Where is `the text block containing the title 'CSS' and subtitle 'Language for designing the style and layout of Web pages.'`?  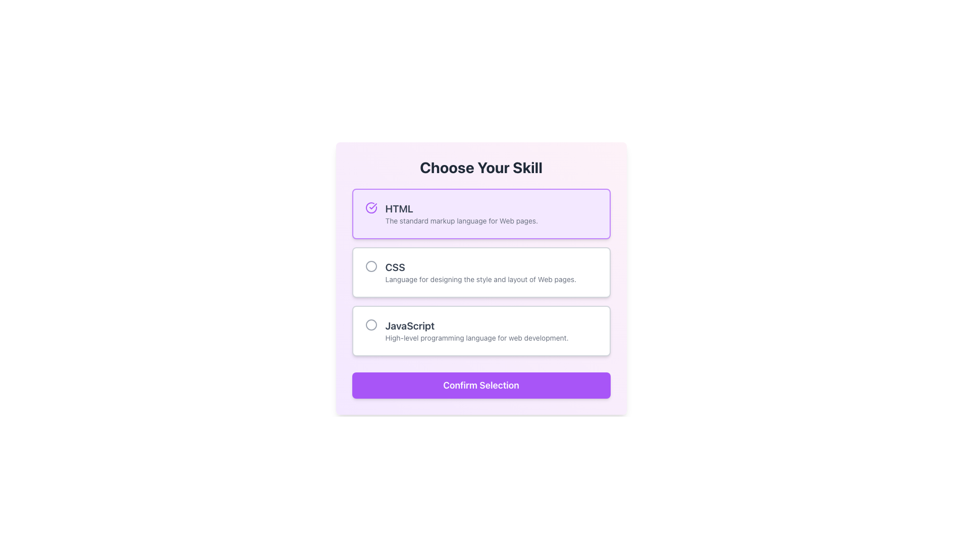 the text block containing the title 'CSS' and subtitle 'Language for designing the style and layout of Web pages.' is located at coordinates (480, 272).